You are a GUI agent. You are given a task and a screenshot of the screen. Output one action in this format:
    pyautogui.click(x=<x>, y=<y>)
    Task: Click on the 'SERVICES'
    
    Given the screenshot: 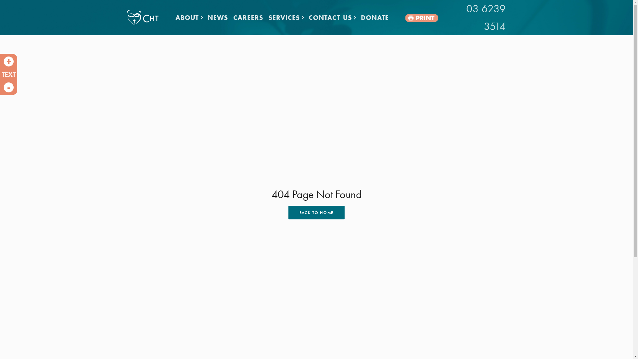 What is the action you would take?
    pyautogui.click(x=286, y=17)
    